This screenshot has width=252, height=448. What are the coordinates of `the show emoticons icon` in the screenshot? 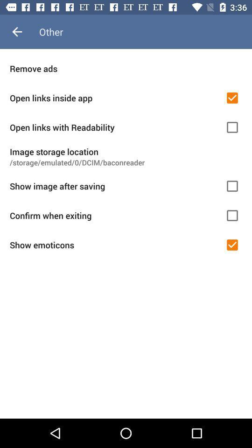 It's located at (114, 245).